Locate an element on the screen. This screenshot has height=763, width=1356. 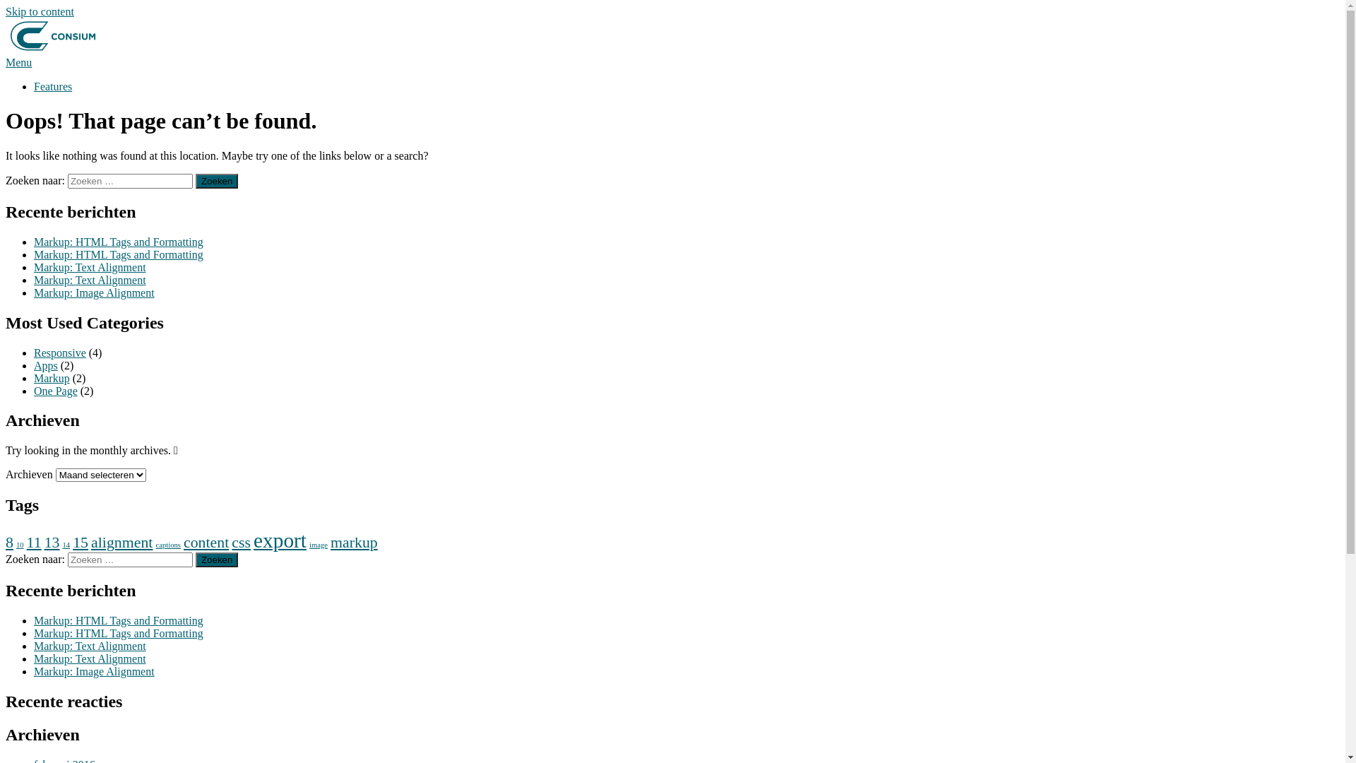
'14' is located at coordinates (66, 544).